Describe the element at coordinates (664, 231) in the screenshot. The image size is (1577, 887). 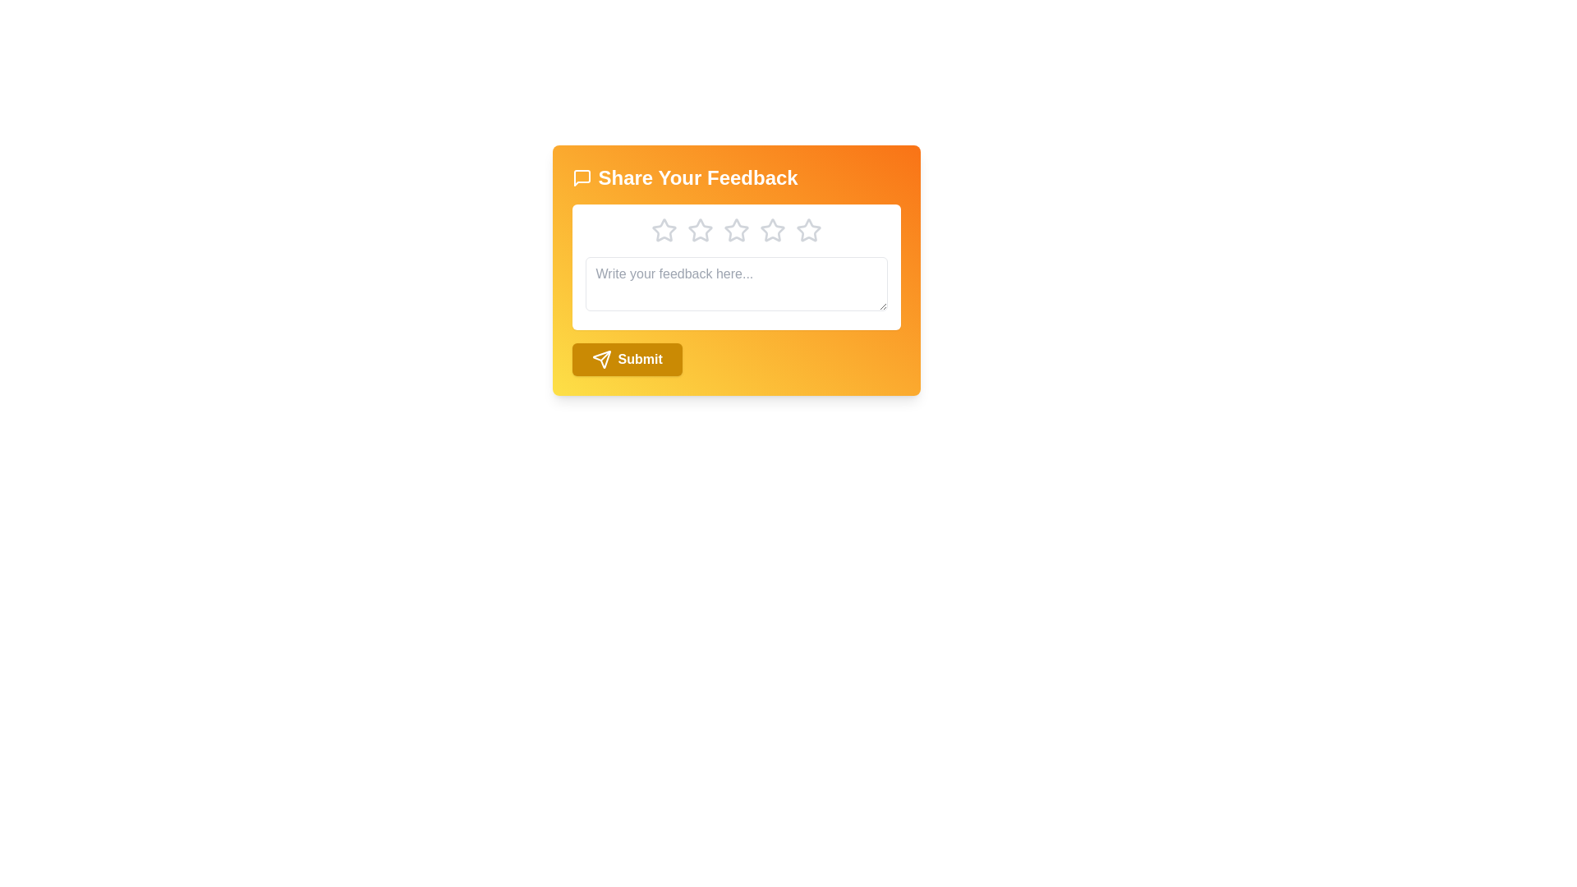
I see `the first star icon in the rating section` at that location.